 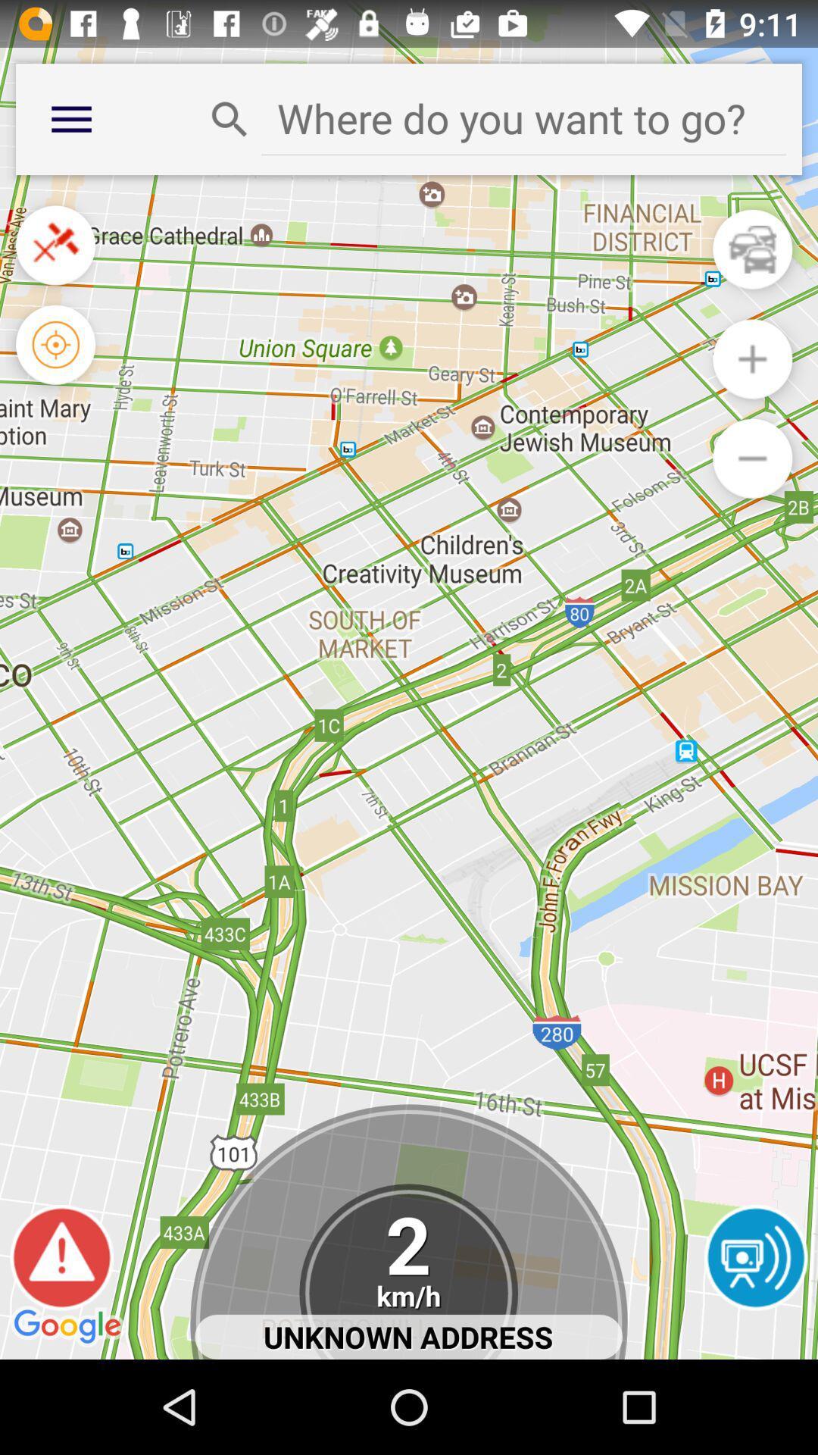 What do you see at coordinates (55, 344) in the screenshot?
I see `pinpoint user location` at bounding box center [55, 344].